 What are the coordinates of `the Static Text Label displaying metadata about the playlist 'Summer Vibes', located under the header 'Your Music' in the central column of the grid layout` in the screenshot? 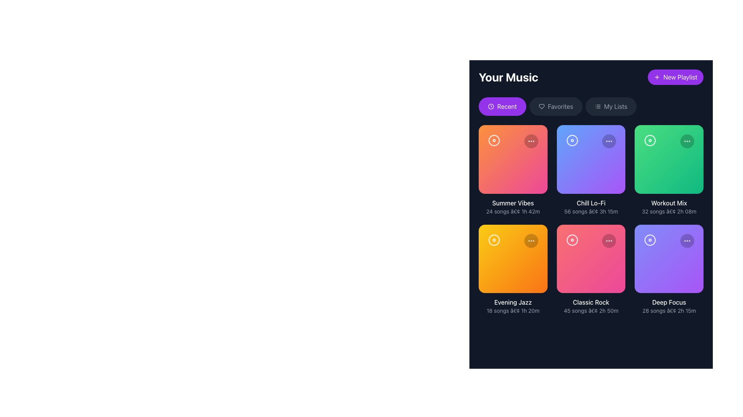 It's located at (513, 211).